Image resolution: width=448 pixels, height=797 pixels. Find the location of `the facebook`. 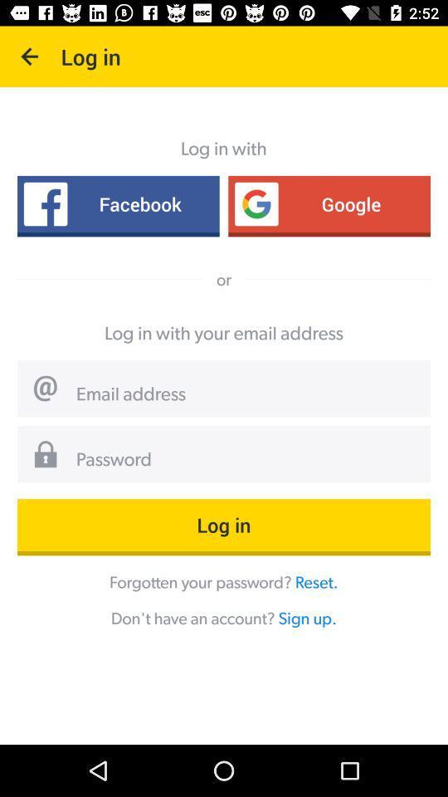

the facebook is located at coordinates (117, 203).